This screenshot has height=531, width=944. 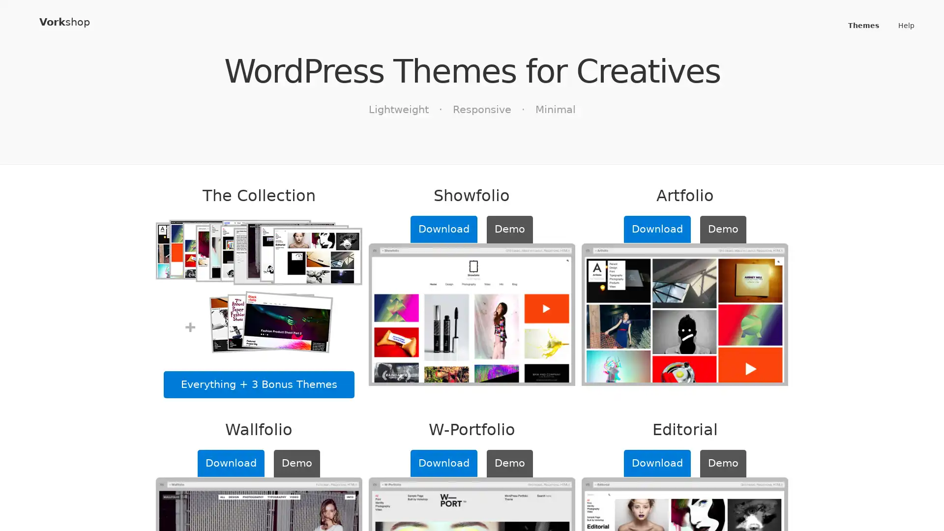 What do you see at coordinates (443, 463) in the screenshot?
I see `Download` at bounding box center [443, 463].